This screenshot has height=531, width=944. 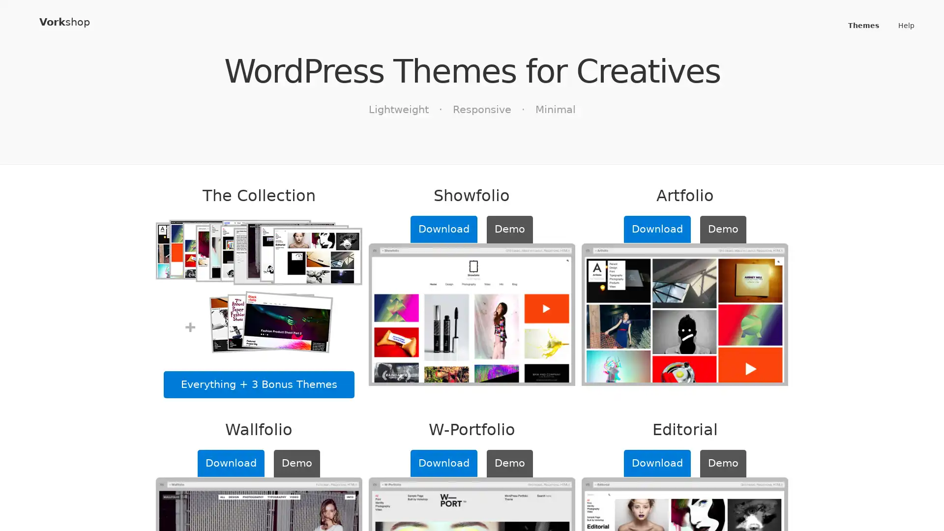 What do you see at coordinates (443, 463) in the screenshot?
I see `Download` at bounding box center [443, 463].